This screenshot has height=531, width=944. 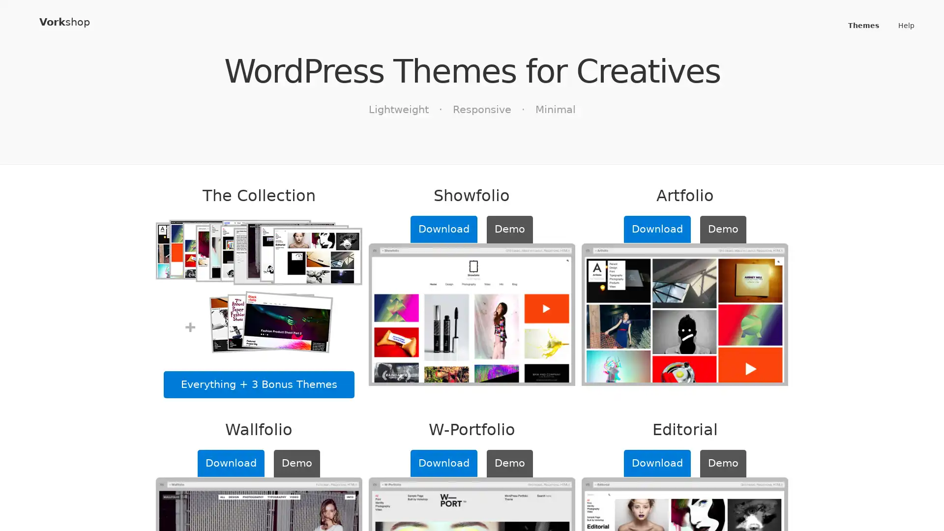 What do you see at coordinates (443, 463) in the screenshot?
I see `Download` at bounding box center [443, 463].